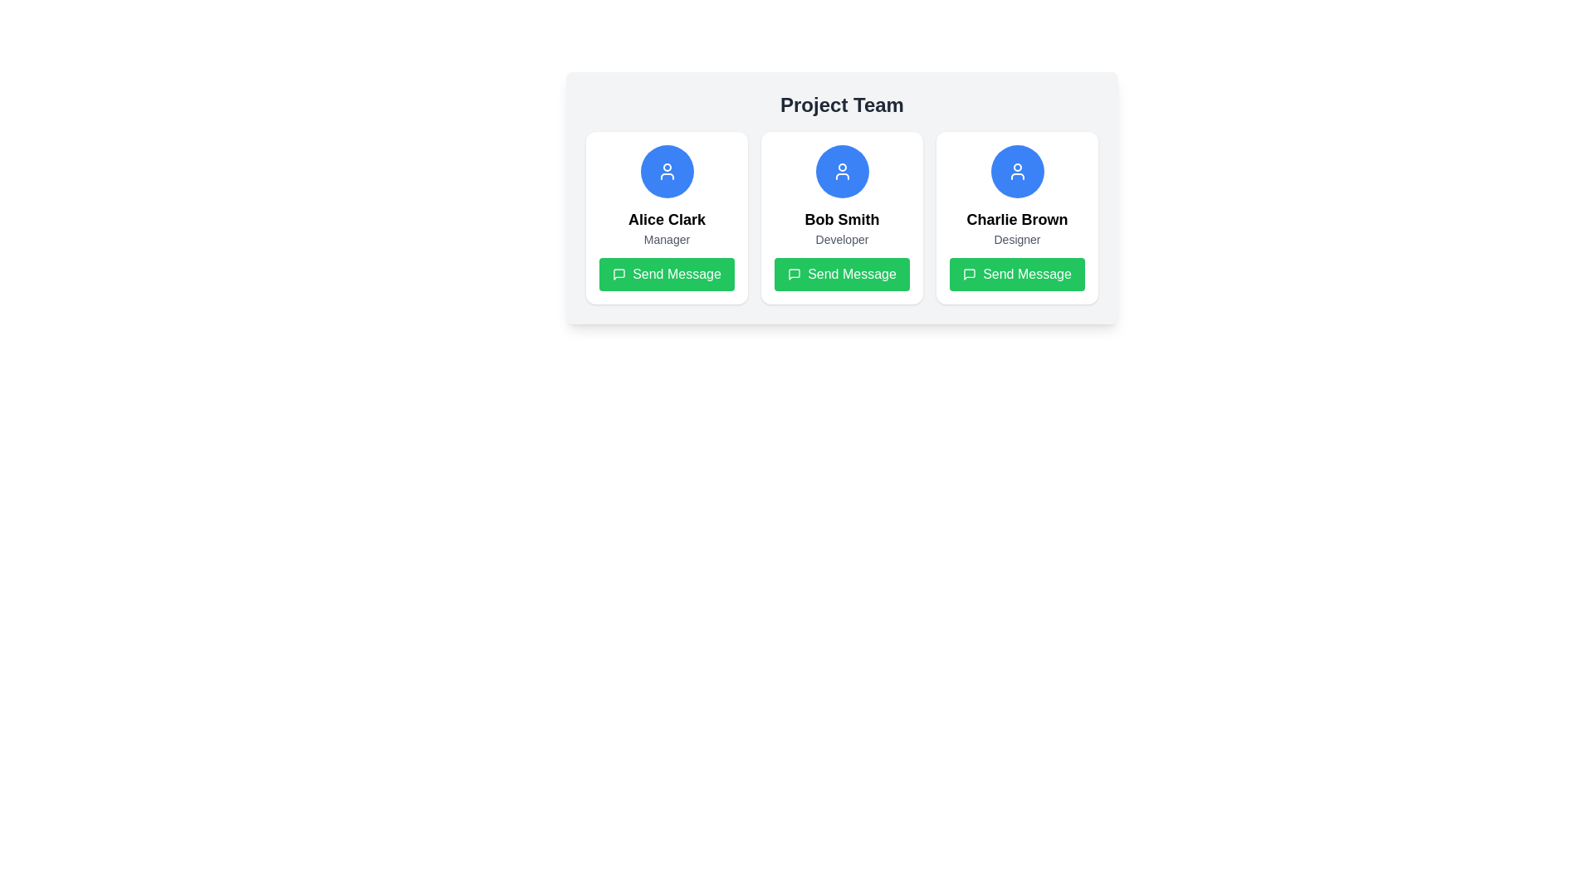  I want to click on the 'Send Message' button, which is a rectangular button with white text on a green background, located under the member 'Bob Smith' in the Project Team section, so click(842, 274).